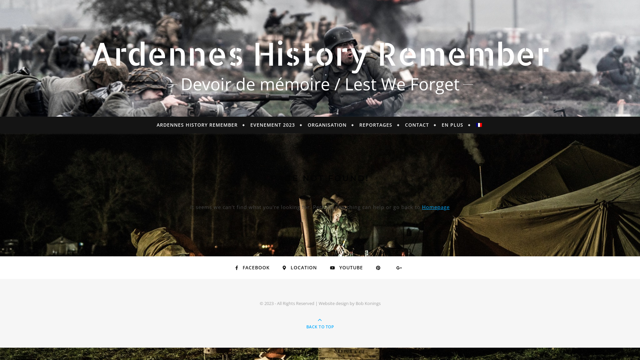  What do you see at coordinates (417, 125) in the screenshot?
I see `'CONTACT'` at bounding box center [417, 125].